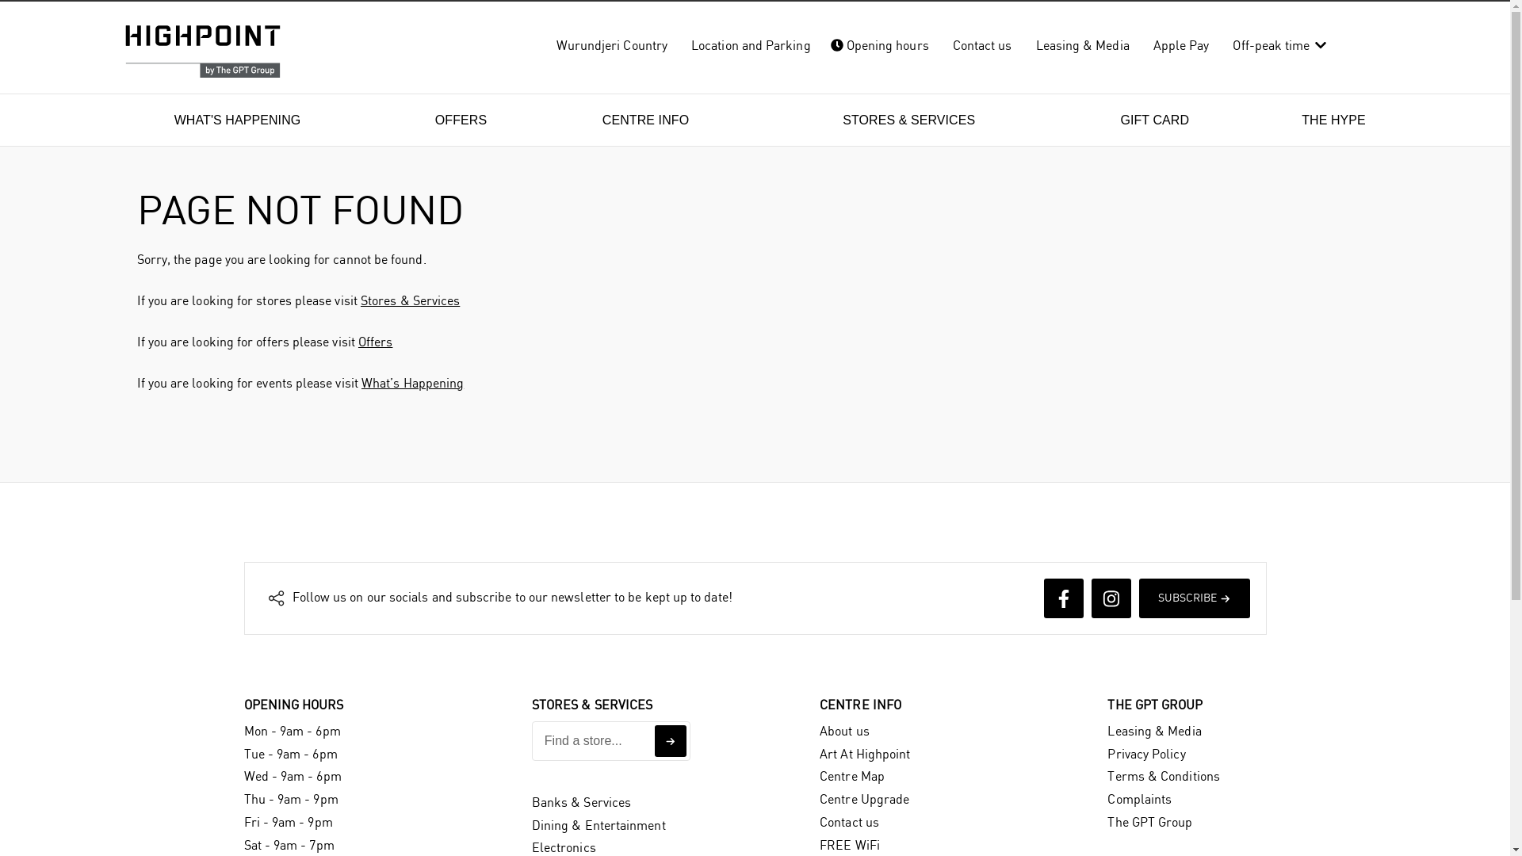 This screenshot has height=856, width=1522. Describe the element at coordinates (1106, 732) in the screenshot. I see `'Leasing & Media'` at that location.